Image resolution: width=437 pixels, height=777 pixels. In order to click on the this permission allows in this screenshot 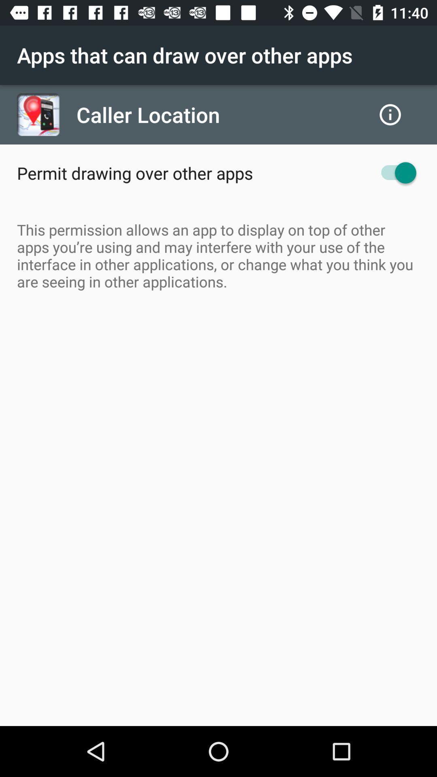, I will do `click(218, 255)`.